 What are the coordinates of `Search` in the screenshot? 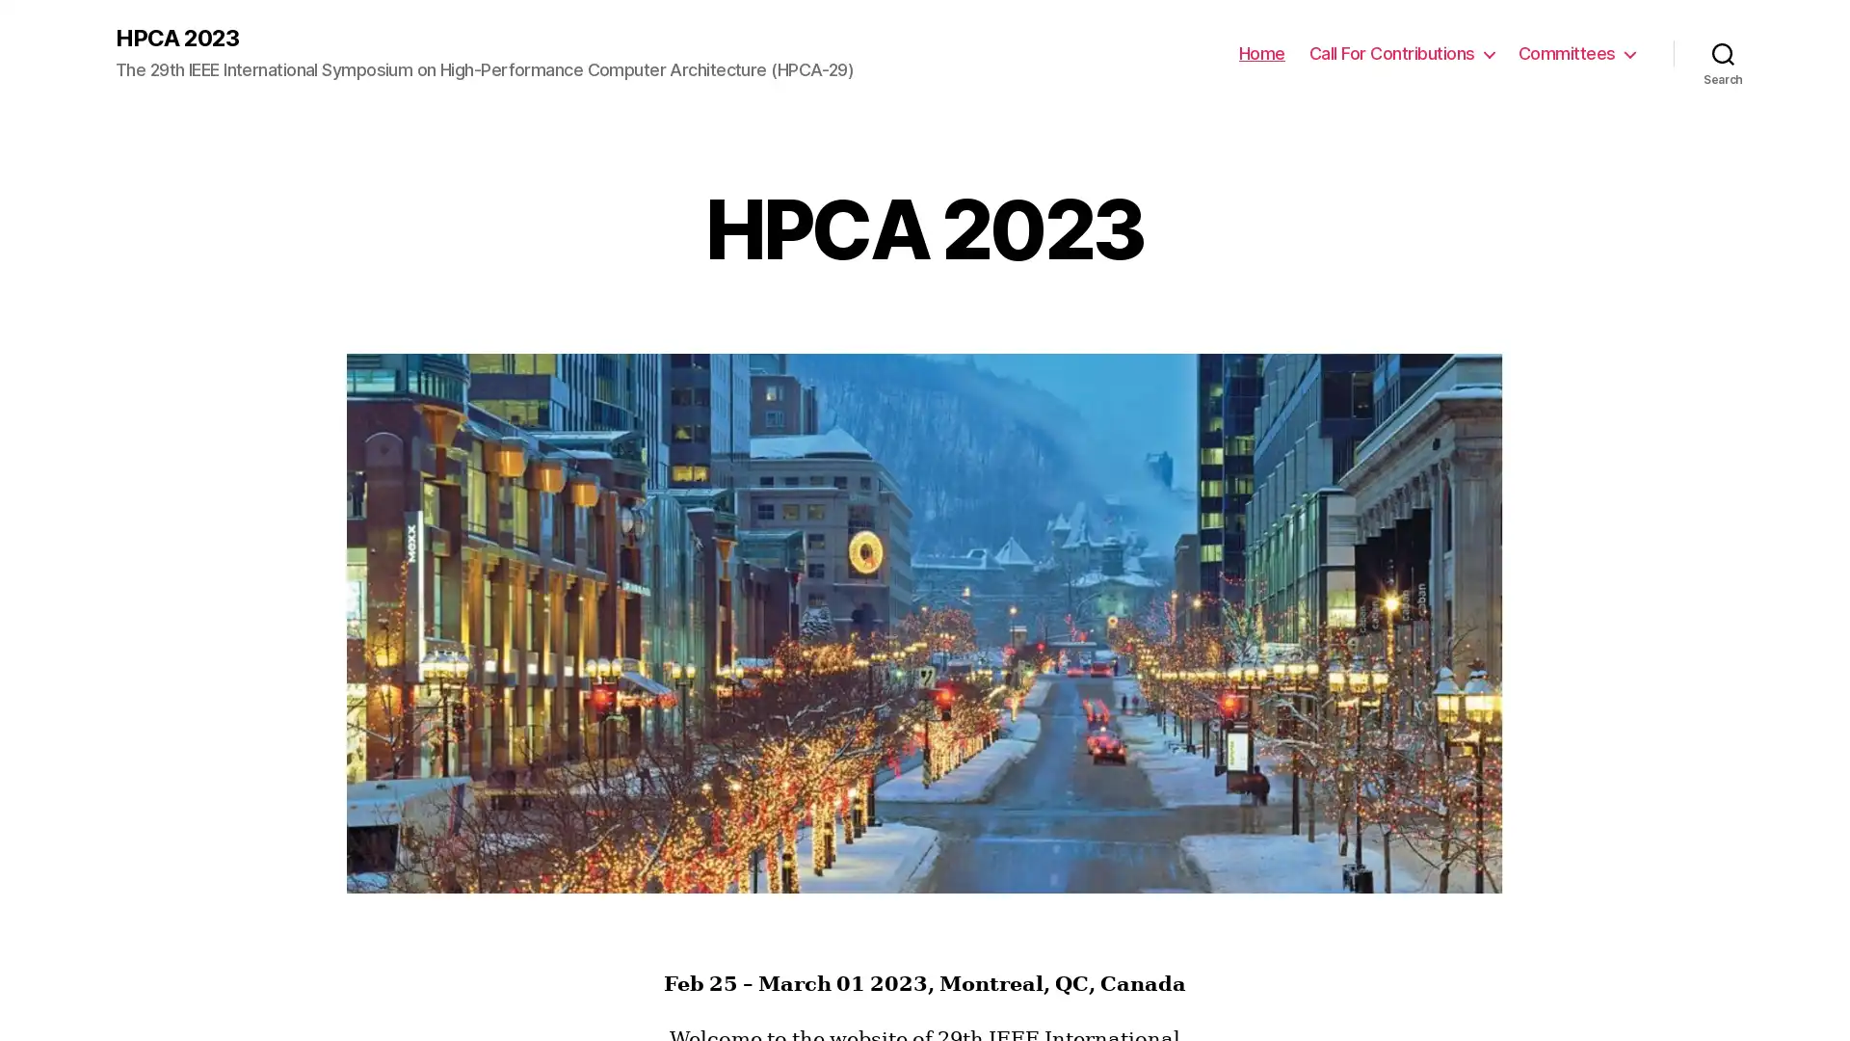 It's located at (1723, 51).